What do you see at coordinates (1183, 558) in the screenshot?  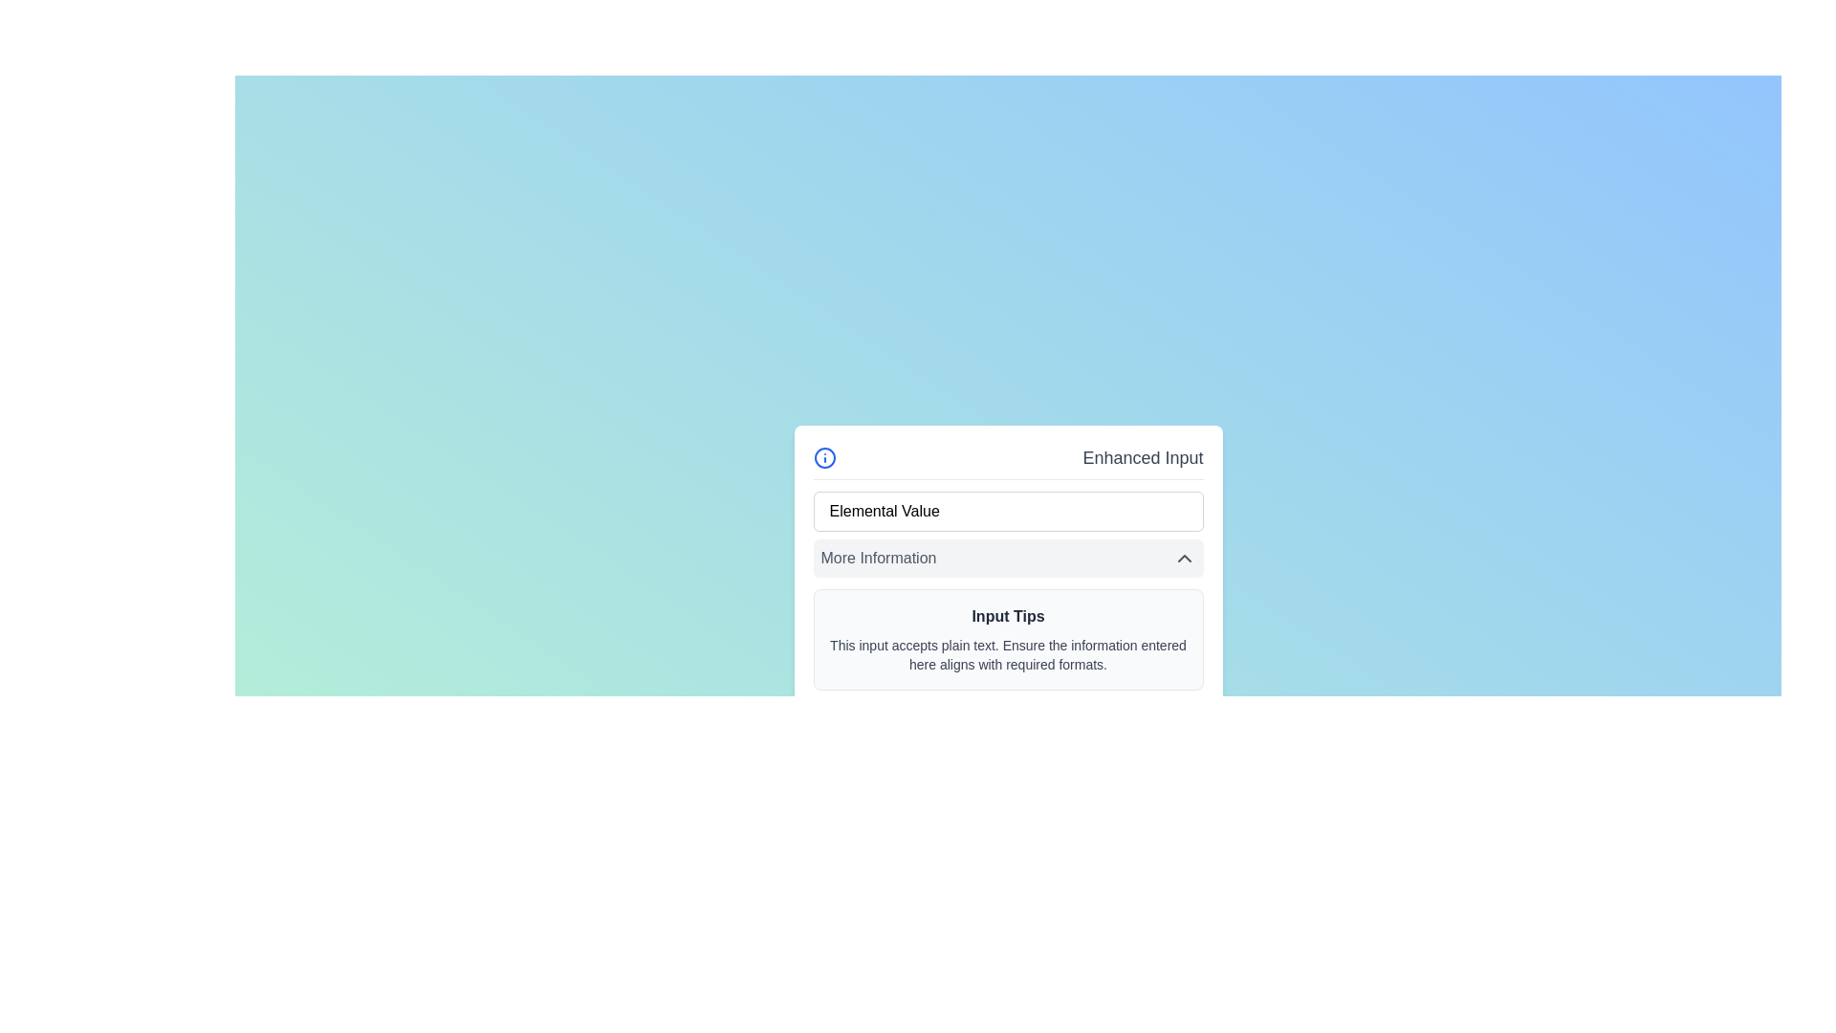 I see `the upward-pointing chevron icon located in the 'More Information' section to provide additional feedback` at bounding box center [1183, 558].